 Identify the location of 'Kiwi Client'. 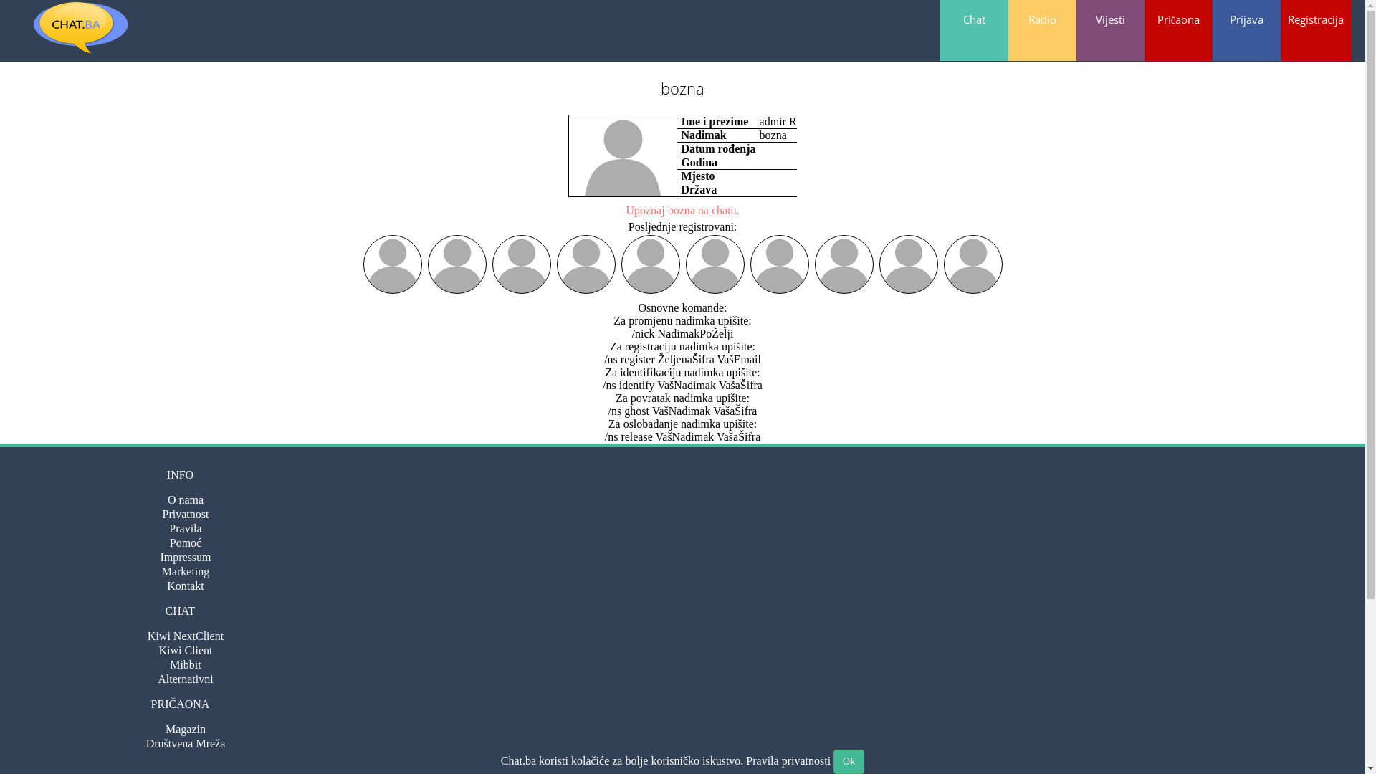
(184, 650).